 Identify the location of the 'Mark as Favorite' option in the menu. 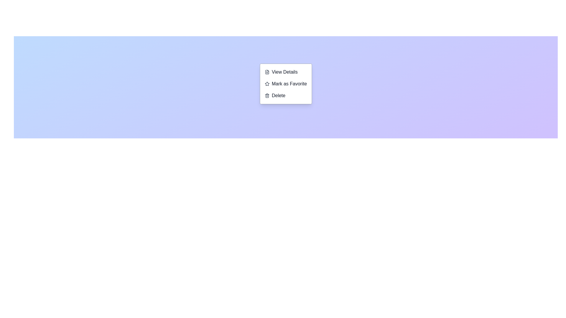
(286, 84).